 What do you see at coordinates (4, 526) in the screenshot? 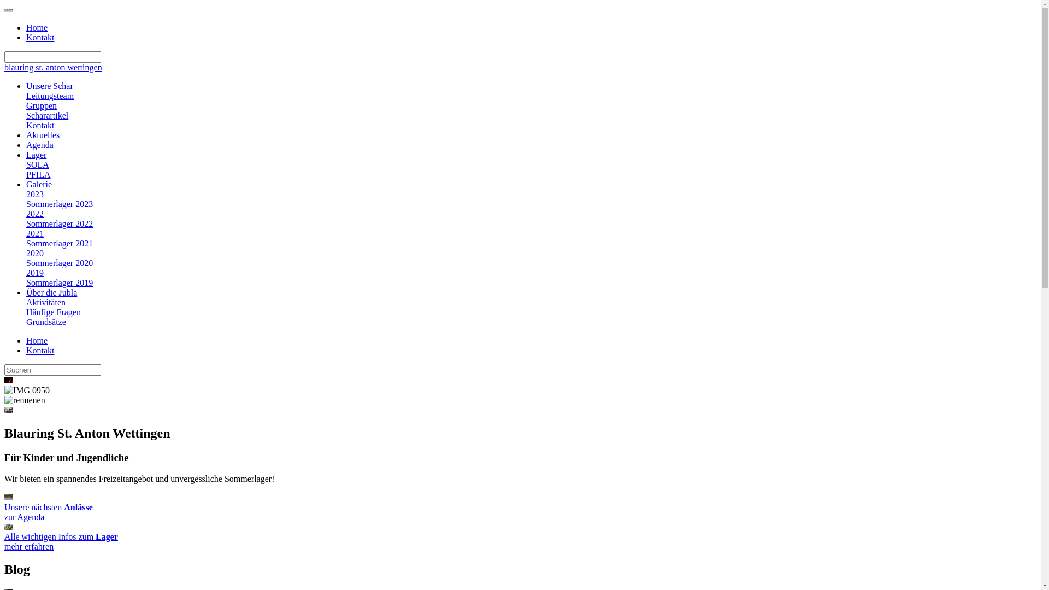
I see `'mehr erfahren'` at bounding box center [4, 526].